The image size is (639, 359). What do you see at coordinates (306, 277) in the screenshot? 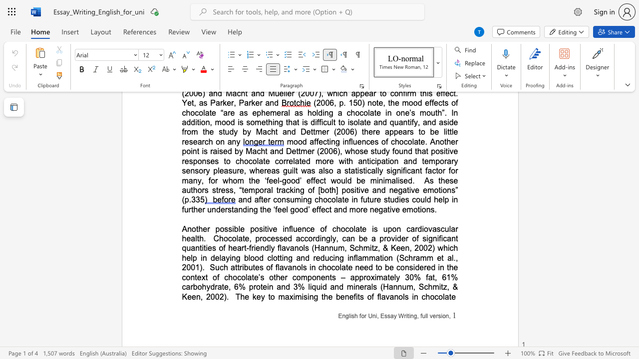
I see `the space between the continuous character "m" and "p" in the text` at bounding box center [306, 277].